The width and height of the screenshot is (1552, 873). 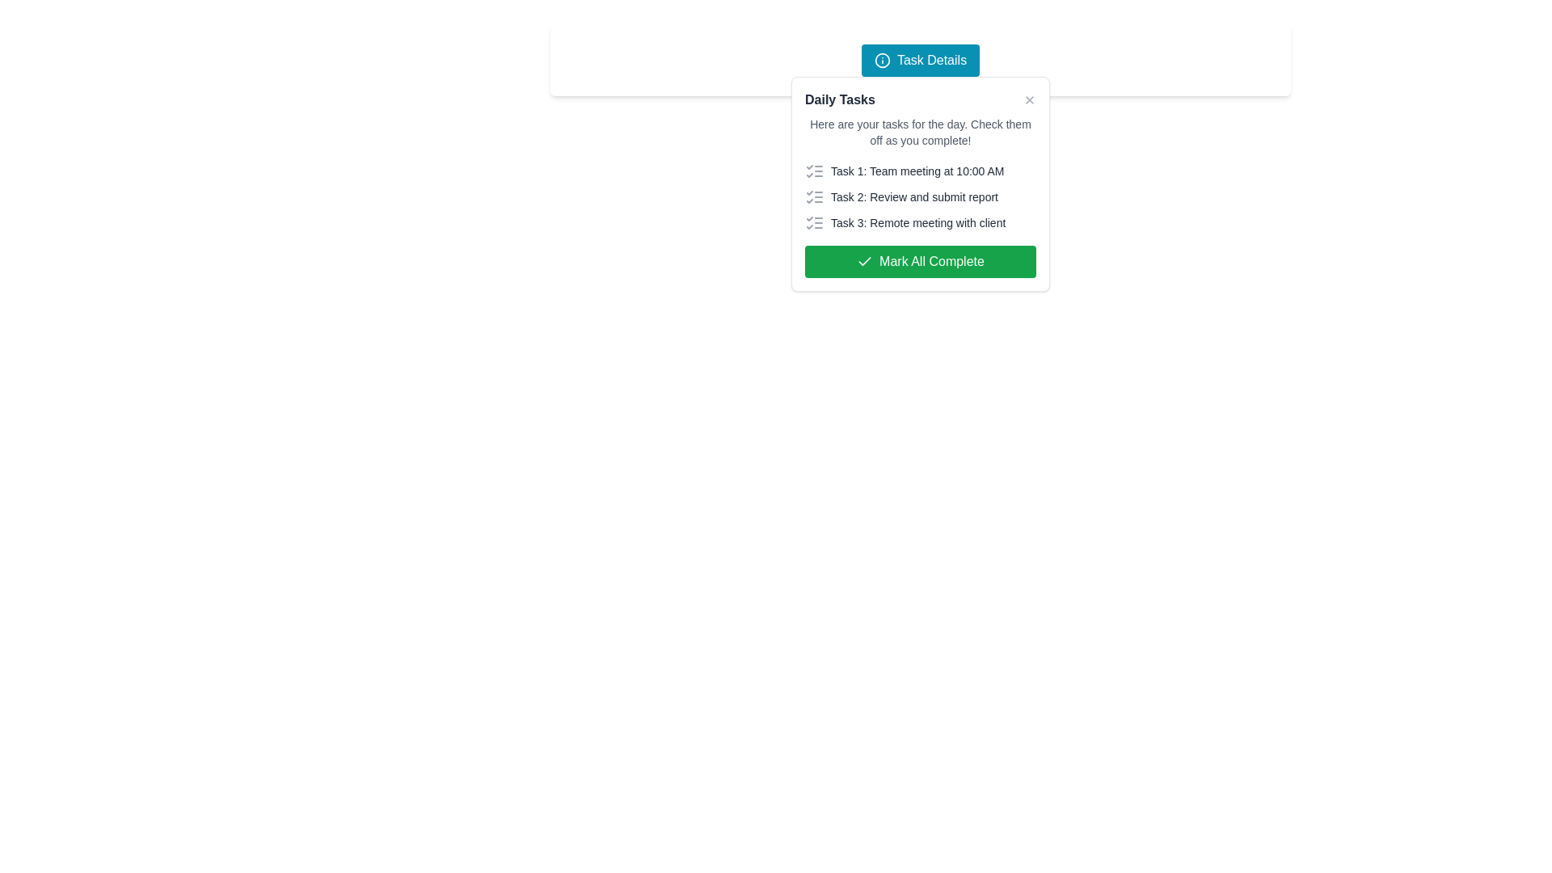 What do you see at coordinates (815, 196) in the screenshot?
I see `the checklist SVG icon located to the left of the task item labeled 'Task 2: Review and submit report.'` at bounding box center [815, 196].